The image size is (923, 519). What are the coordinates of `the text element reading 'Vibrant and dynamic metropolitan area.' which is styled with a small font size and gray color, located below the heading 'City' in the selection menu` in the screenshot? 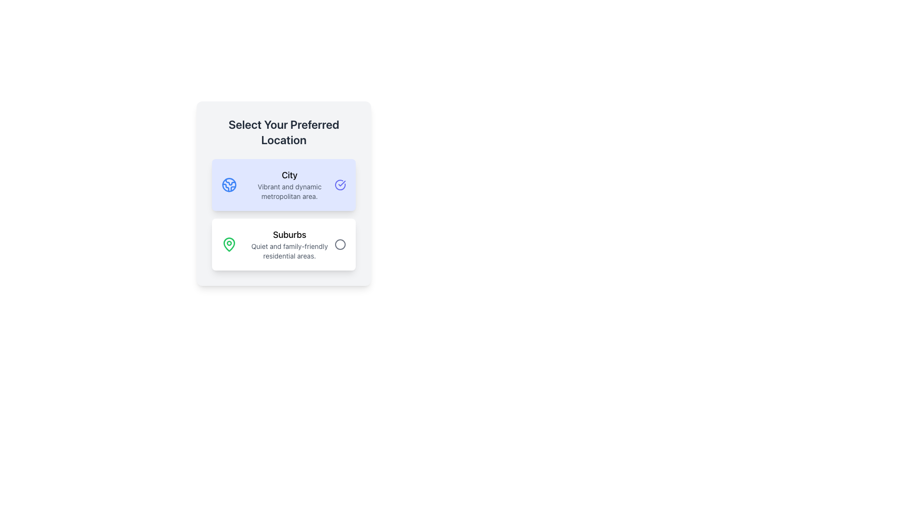 It's located at (289, 191).